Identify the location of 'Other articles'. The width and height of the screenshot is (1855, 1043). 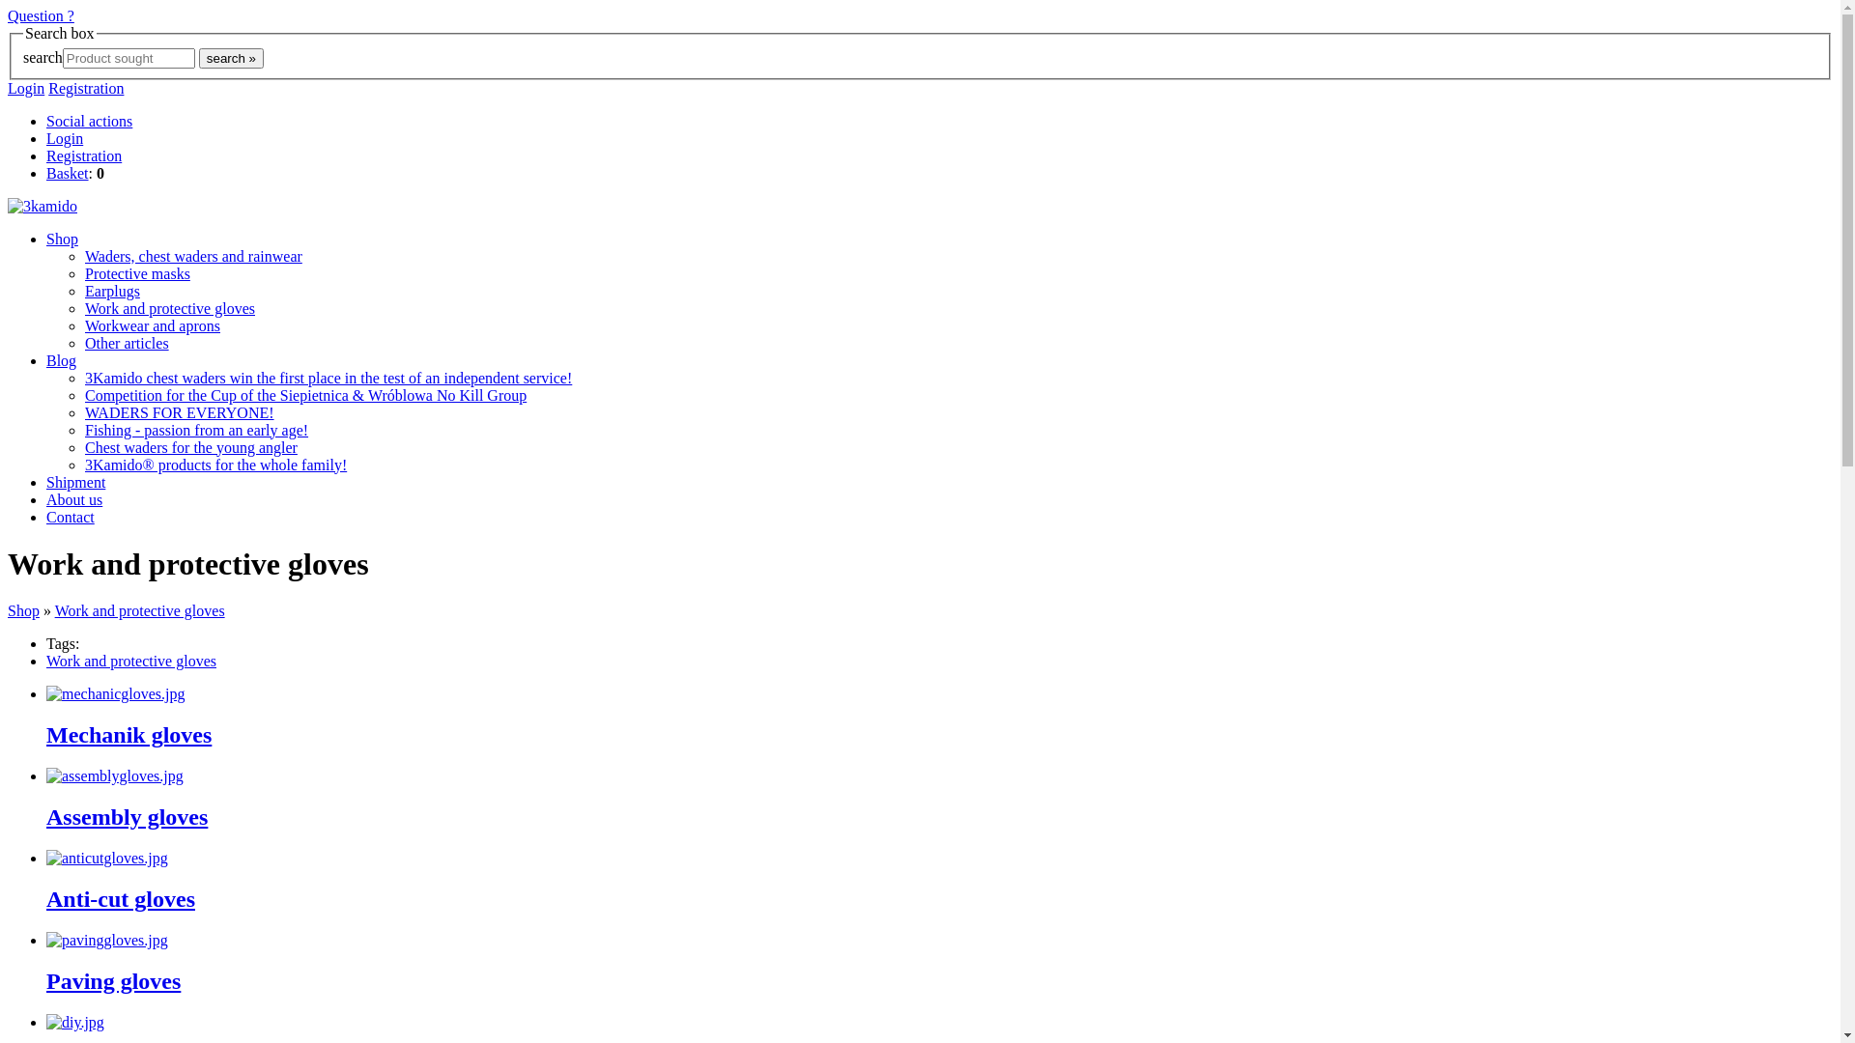
(126, 342).